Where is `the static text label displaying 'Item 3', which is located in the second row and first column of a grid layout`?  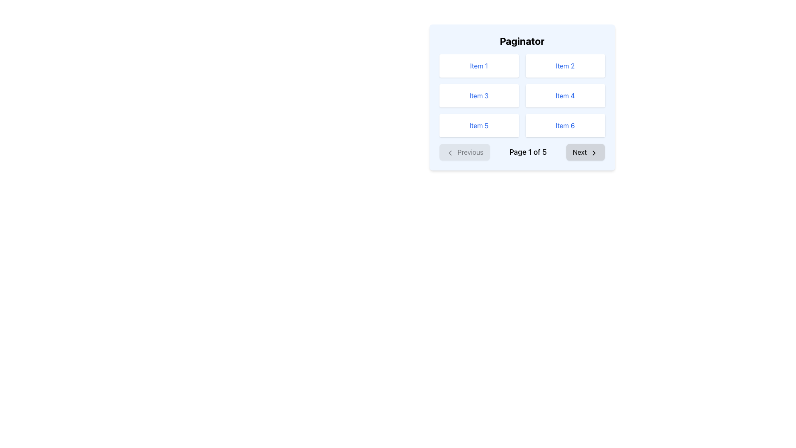 the static text label displaying 'Item 3', which is located in the second row and first column of a grid layout is located at coordinates (479, 95).